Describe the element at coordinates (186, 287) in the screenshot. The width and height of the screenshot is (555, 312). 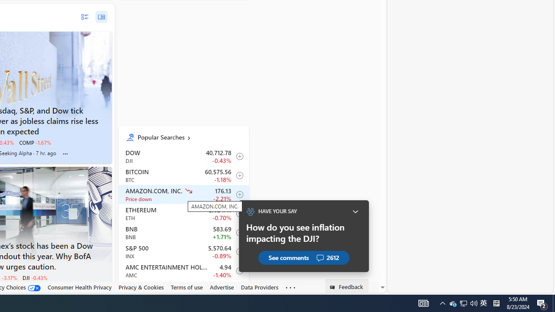
I see `'Terms of use'` at that location.